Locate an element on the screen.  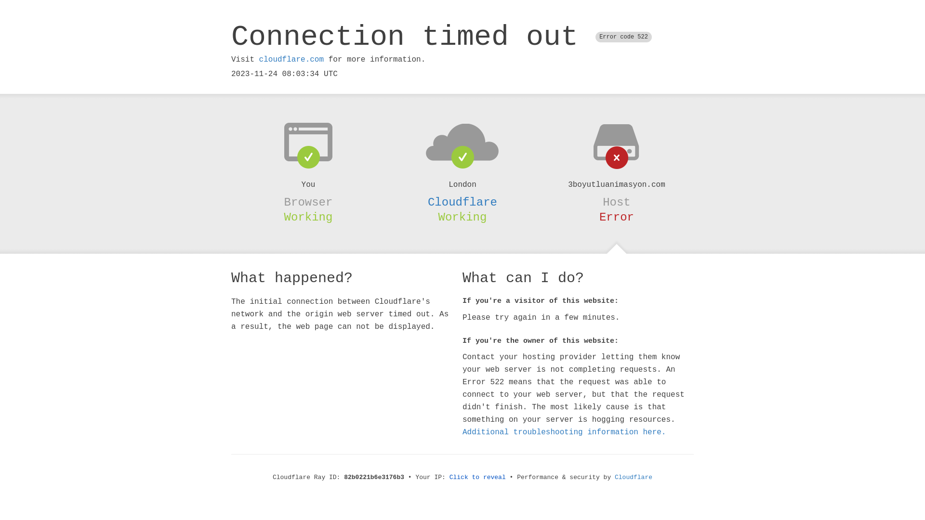
'cloudflare.com' is located at coordinates (291, 59).